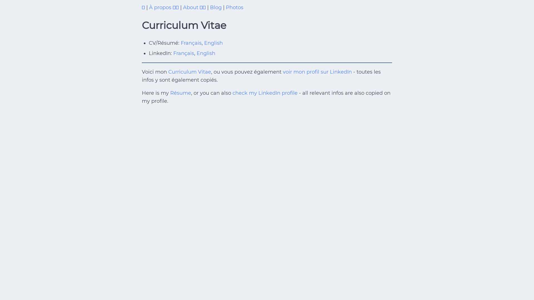 The image size is (534, 300). Describe the element at coordinates (317, 71) in the screenshot. I see `'voir mon profil sur LinkedIn'` at that location.